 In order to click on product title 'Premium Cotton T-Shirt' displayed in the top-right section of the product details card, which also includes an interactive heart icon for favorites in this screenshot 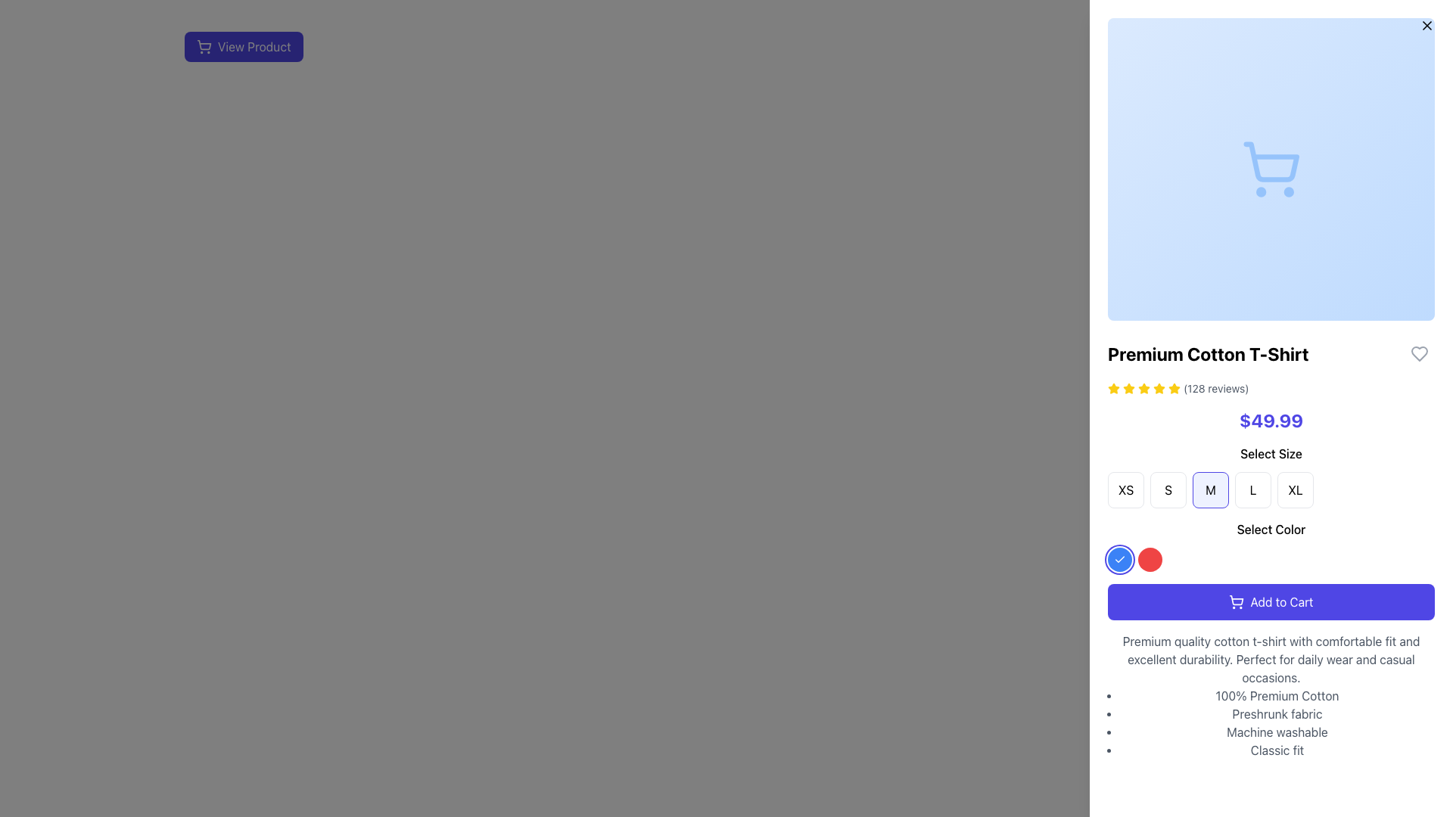, I will do `click(1271, 353)`.